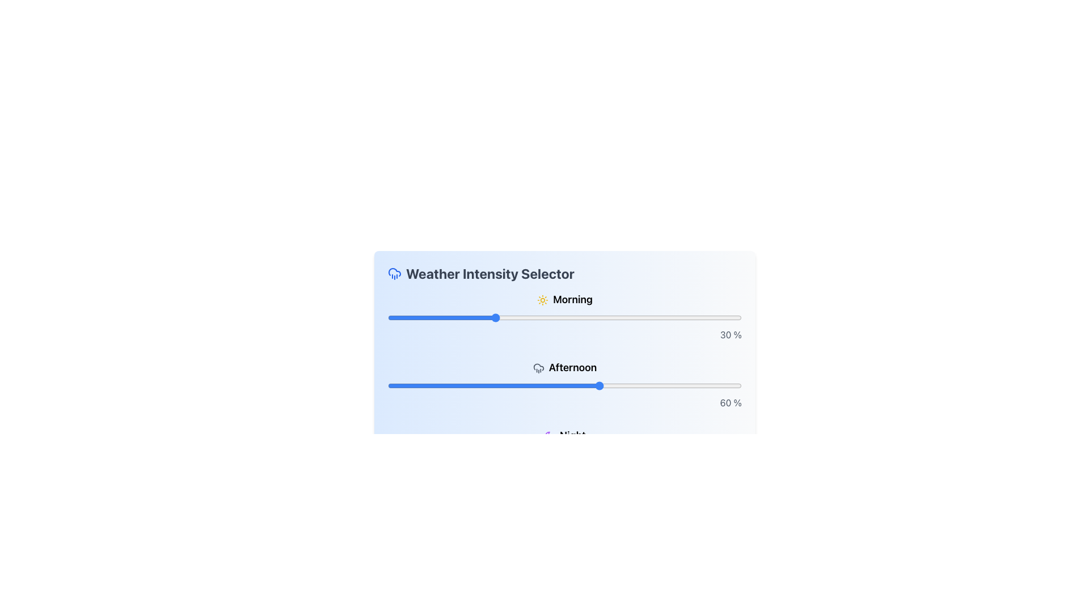 The image size is (1089, 612). Describe the element at coordinates (688, 385) in the screenshot. I see `the afternoon slider` at that location.